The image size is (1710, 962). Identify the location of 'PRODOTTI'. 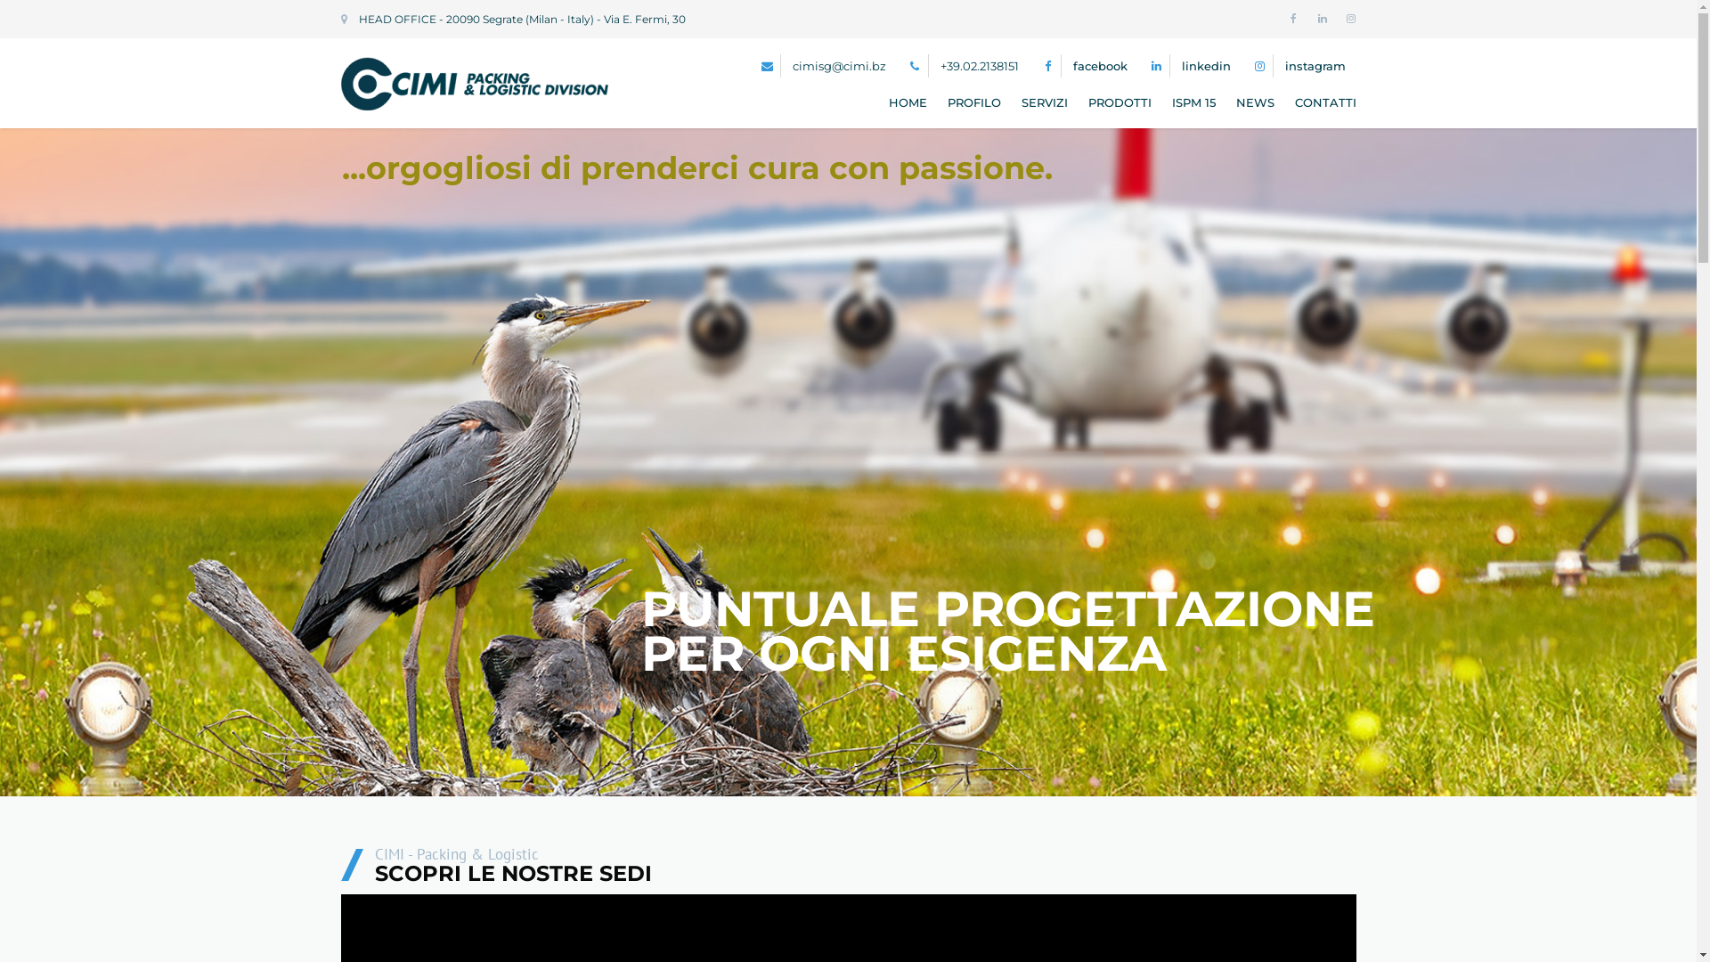
(1119, 102).